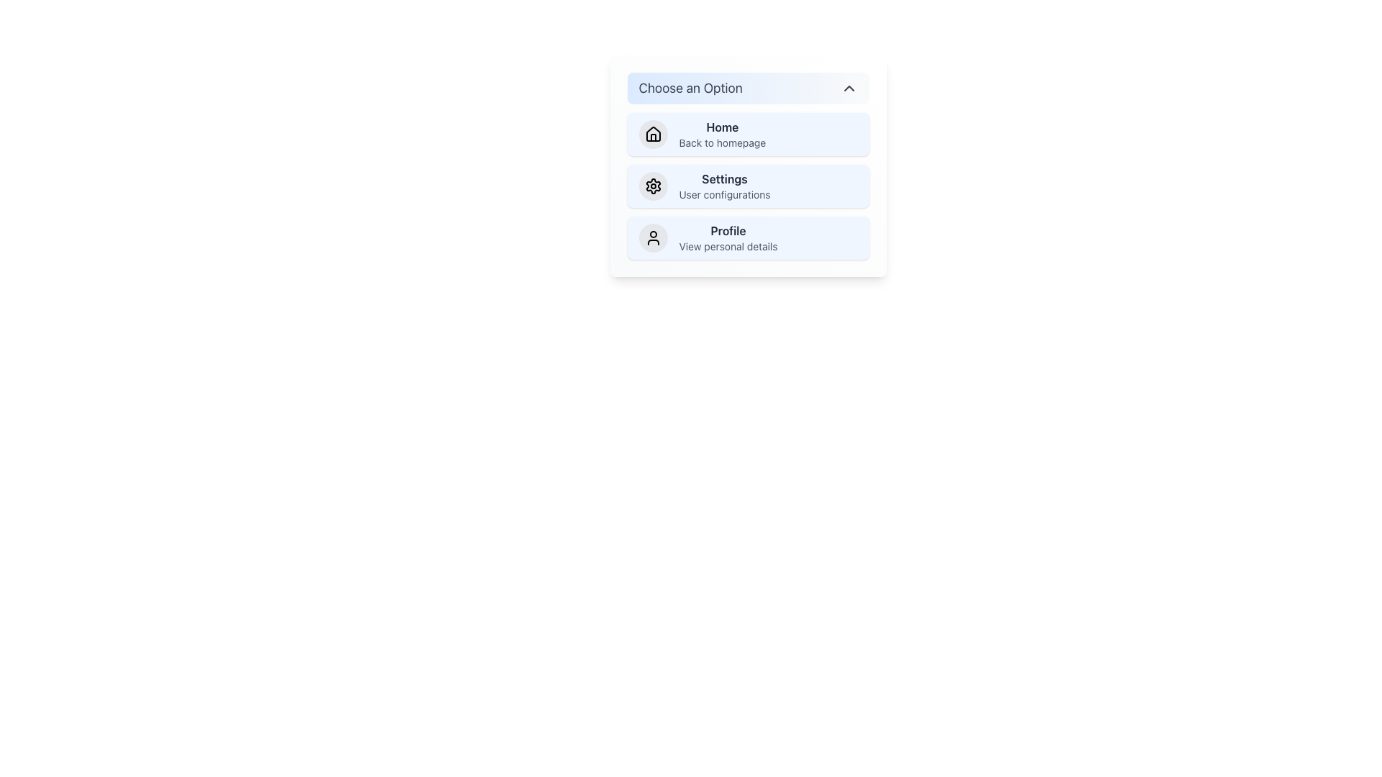  Describe the element at coordinates (748, 165) in the screenshot. I see `the 'Settings' button located as the second option in a vertical list within a card, positioned between 'Home' and 'Profile' options` at that location.